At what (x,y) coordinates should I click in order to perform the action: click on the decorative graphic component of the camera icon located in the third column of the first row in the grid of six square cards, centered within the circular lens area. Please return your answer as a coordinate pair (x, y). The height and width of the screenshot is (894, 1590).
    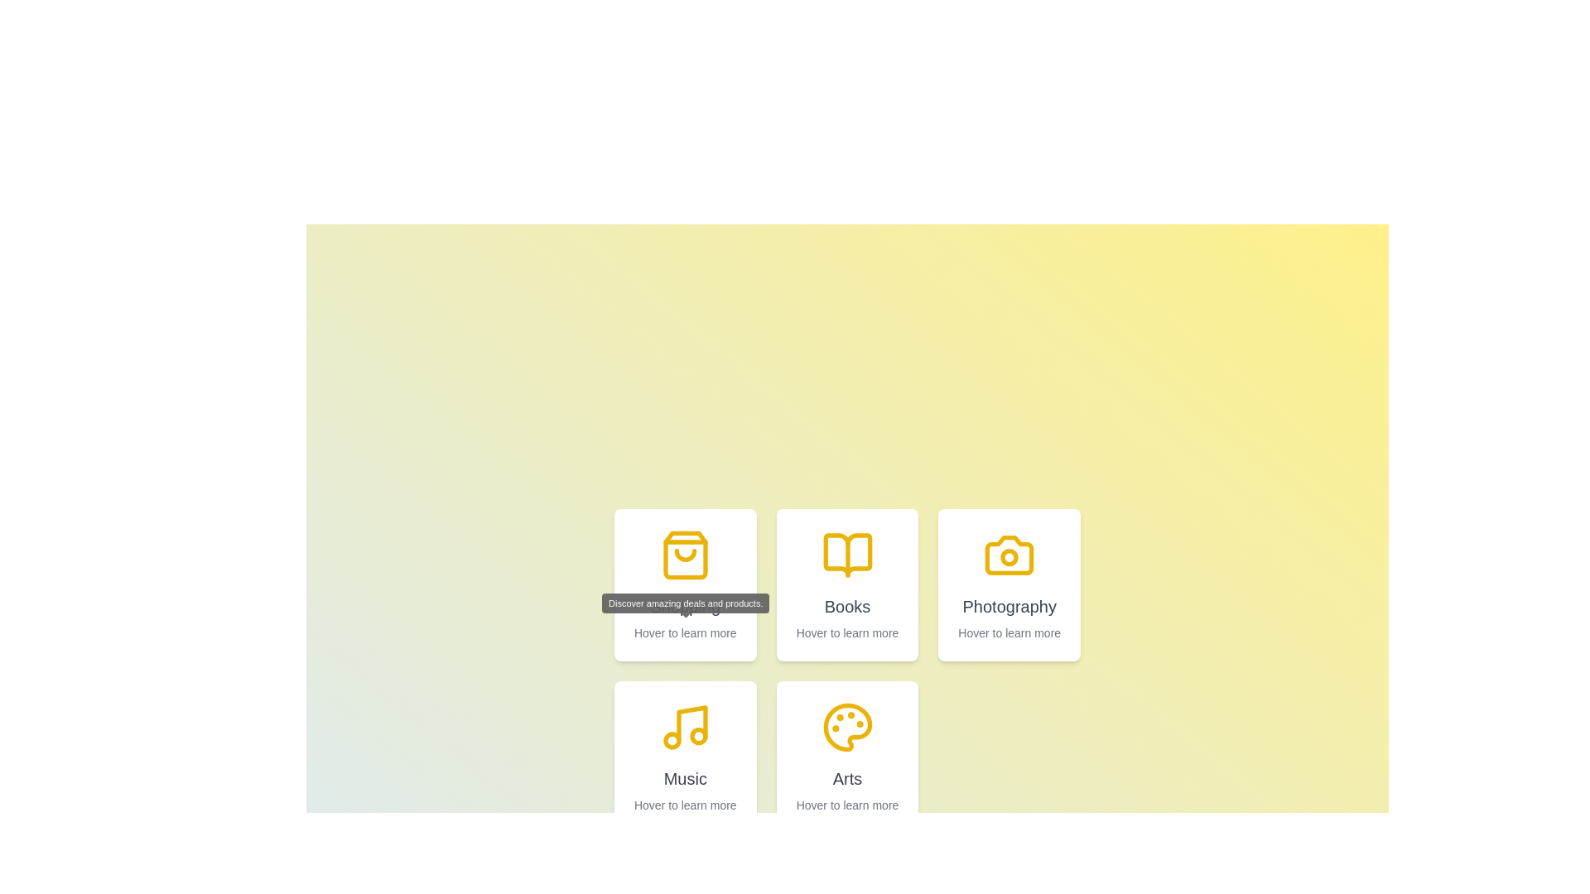
    Looking at the image, I should click on (1009, 557).